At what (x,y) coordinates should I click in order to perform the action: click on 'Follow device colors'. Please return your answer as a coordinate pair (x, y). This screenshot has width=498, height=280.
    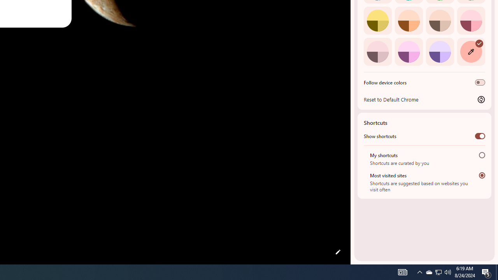
    Looking at the image, I should click on (479, 82).